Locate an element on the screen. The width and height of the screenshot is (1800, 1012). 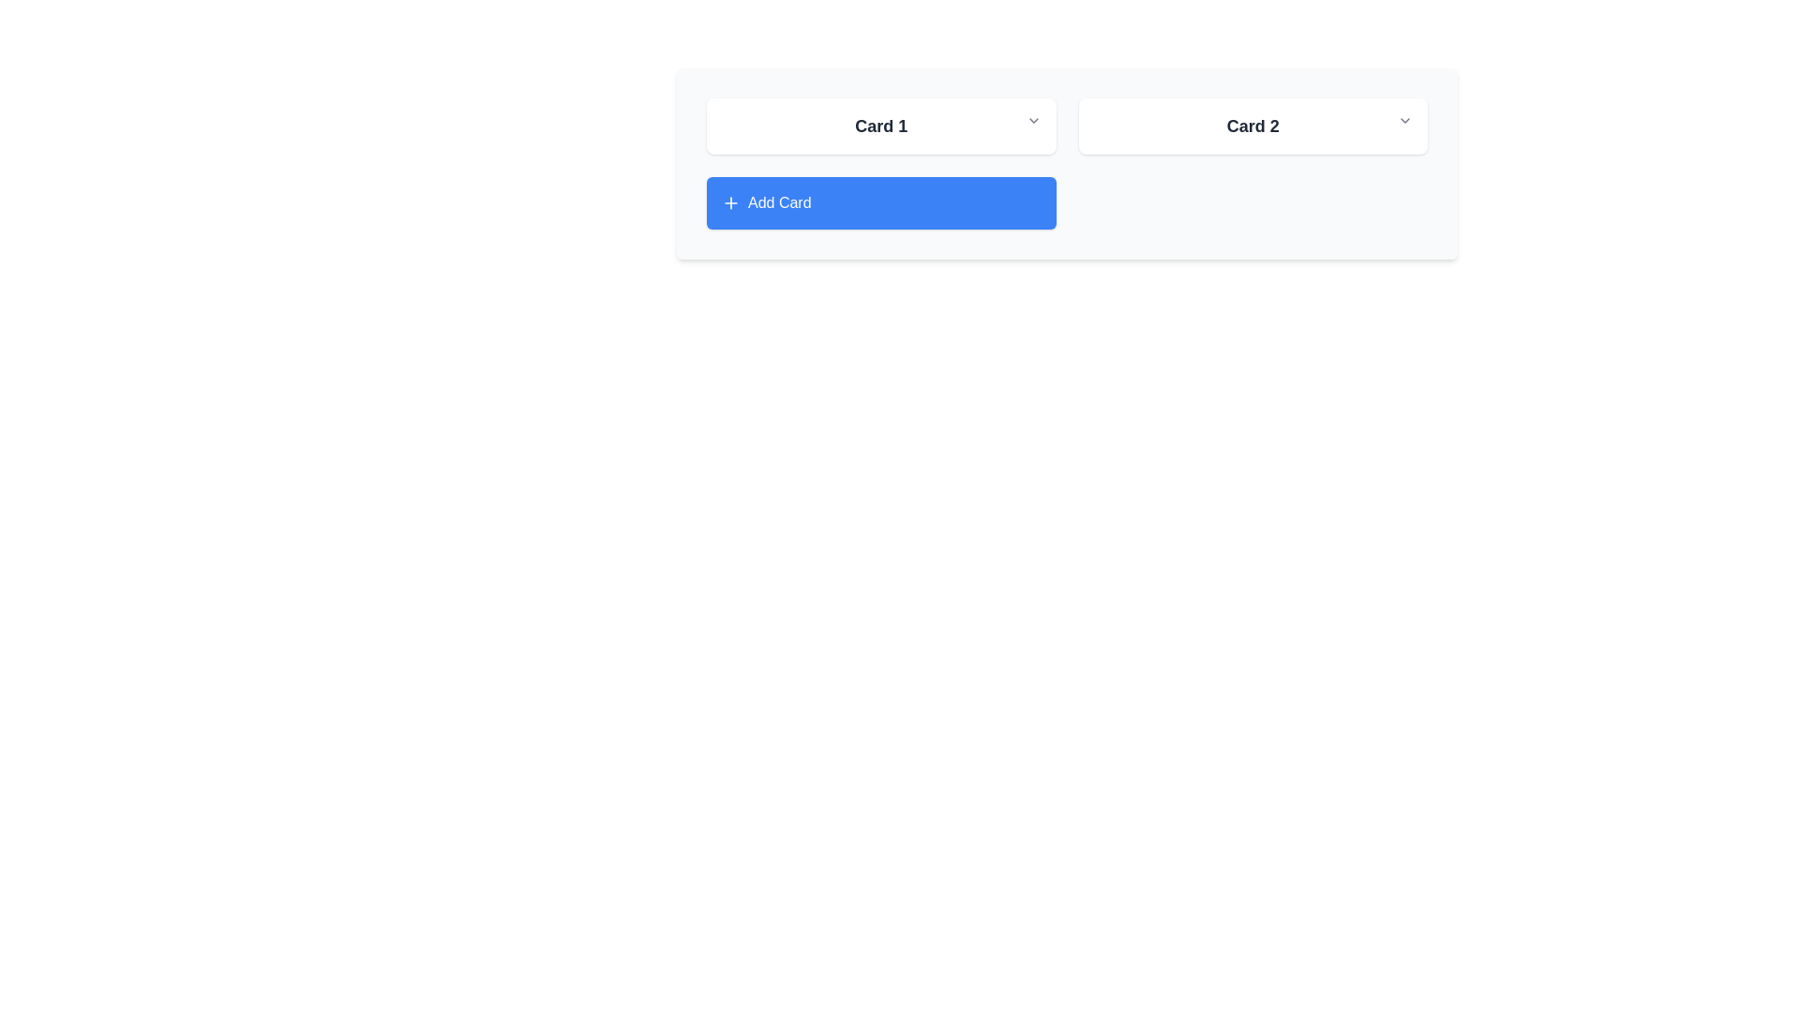
the interactive button with a downward-facing gray arrow icon in the top-right corner of 'Card 2' is located at coordinates (1404, 120).